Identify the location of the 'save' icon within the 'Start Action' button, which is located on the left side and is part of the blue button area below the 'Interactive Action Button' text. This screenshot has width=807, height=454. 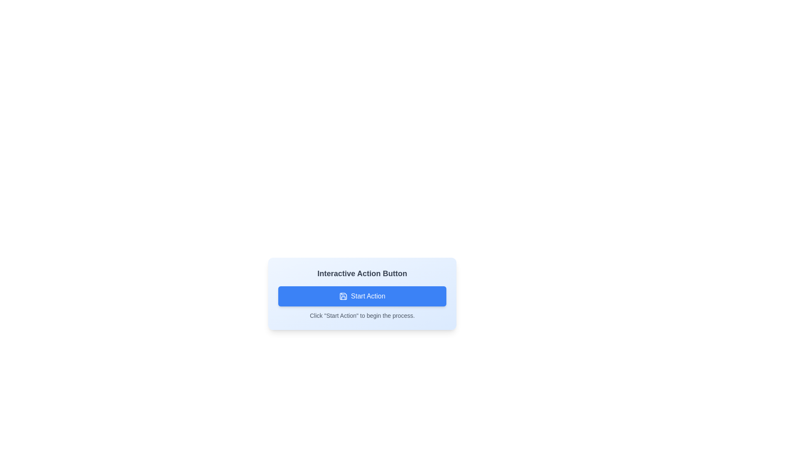
(343, 296).